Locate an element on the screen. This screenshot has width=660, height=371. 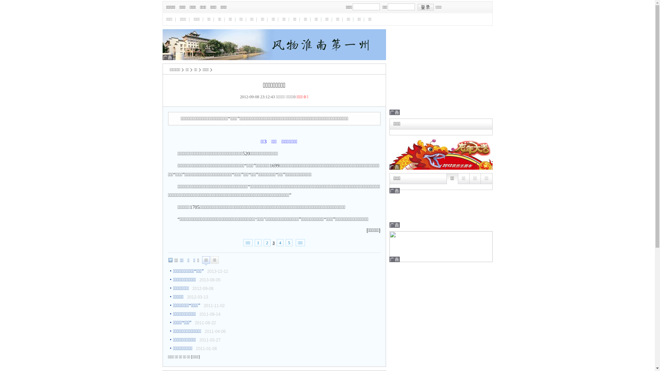
'2' is located at coordinates (267, 242).